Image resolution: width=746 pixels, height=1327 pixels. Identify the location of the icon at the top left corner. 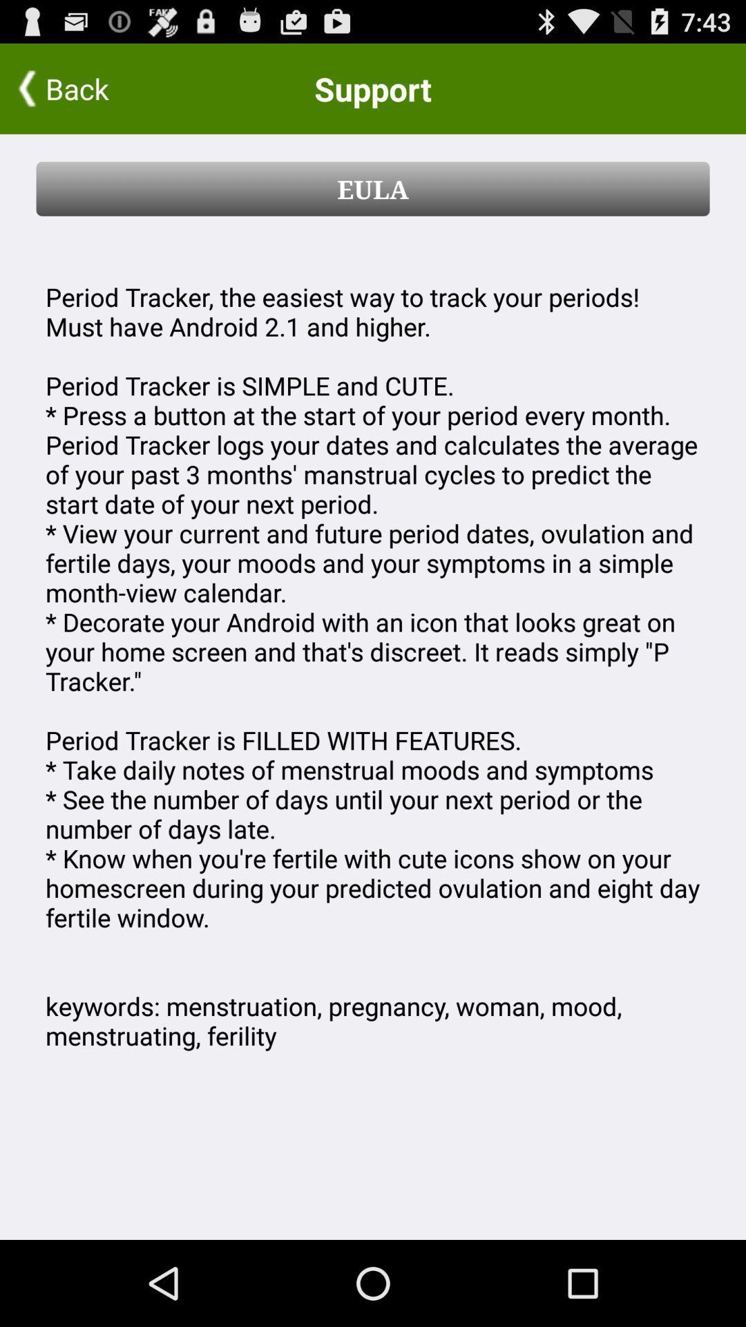
(90, 88).